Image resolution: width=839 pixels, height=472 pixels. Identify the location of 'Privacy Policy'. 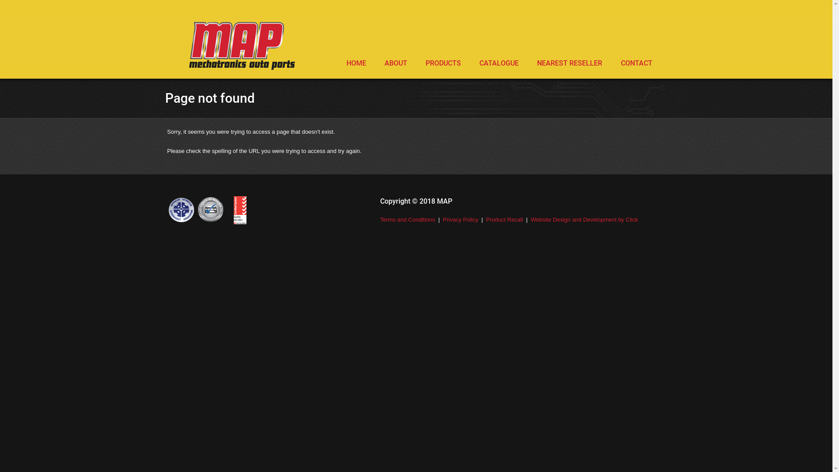
(460, 219).